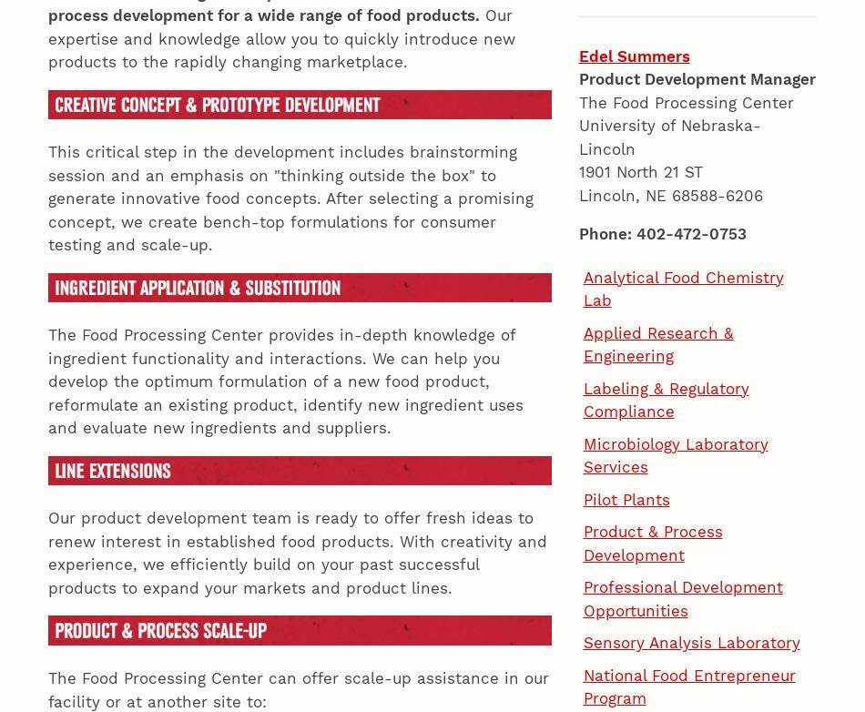  I want to click on 'Solve issues in a smaller dimension to save you time and money.', so click(296, 520).